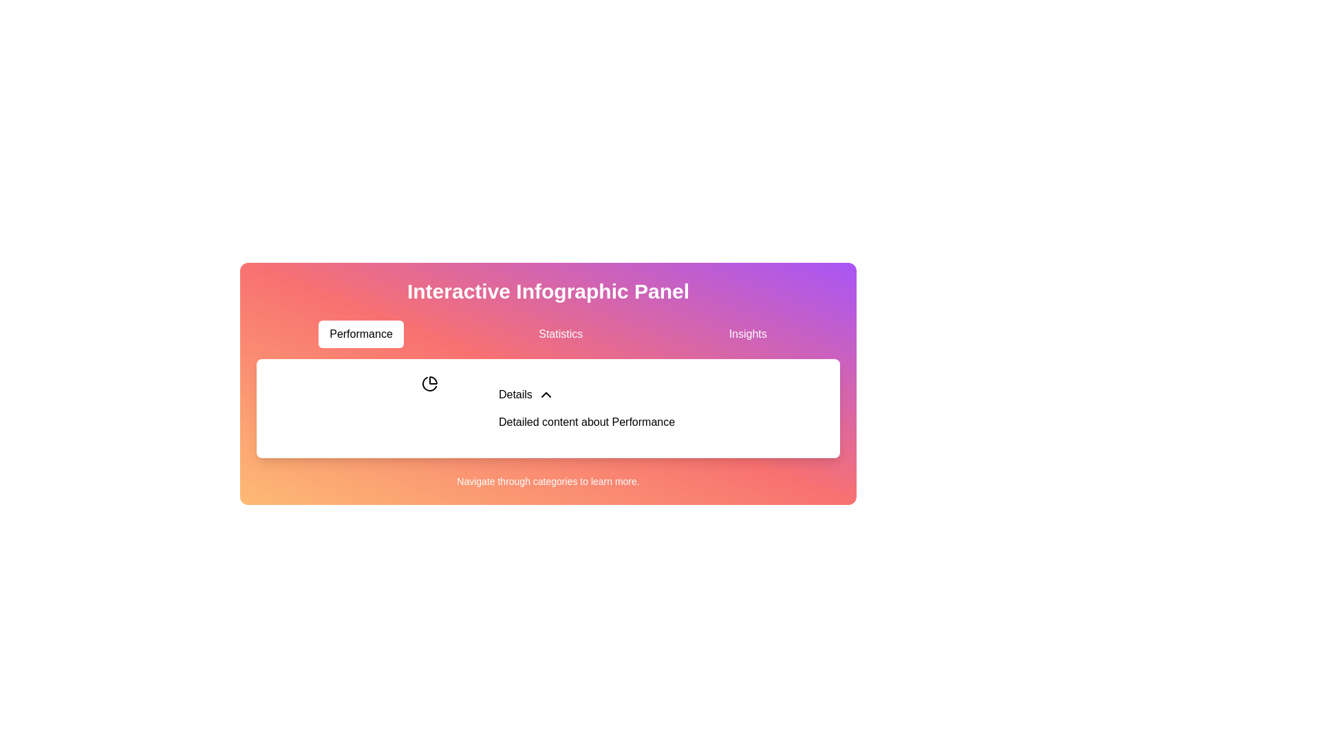 The width and height of the screenshot is (1321, 743). What do you see at coordinates (526, 395) in the screenshot?
I see `the 'Details' toggle button with an upward-pointing arrow icon` at bounding box center [526, 395].